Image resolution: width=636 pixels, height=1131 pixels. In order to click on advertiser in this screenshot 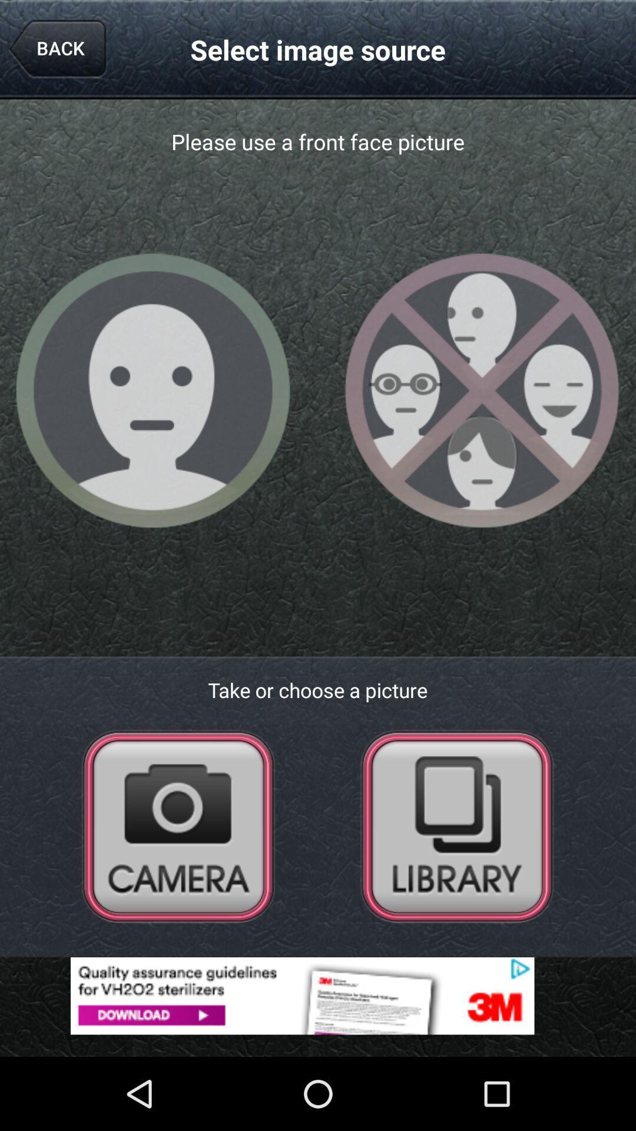, I will do `click(318, 995)`.